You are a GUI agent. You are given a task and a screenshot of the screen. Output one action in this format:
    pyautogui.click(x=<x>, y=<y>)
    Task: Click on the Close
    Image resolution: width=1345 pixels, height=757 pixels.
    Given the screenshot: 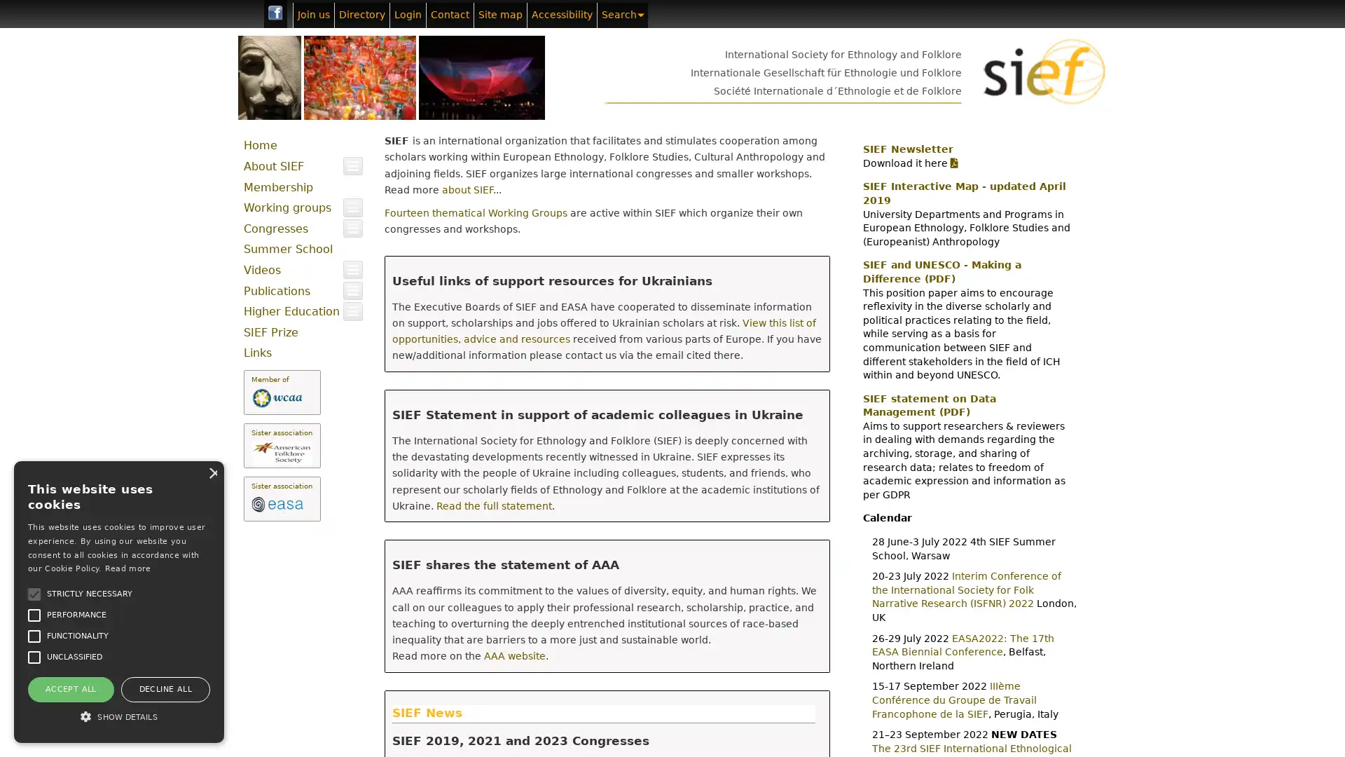 What is the action you would take?
    pyautogui.click(x=211, y=472)
    